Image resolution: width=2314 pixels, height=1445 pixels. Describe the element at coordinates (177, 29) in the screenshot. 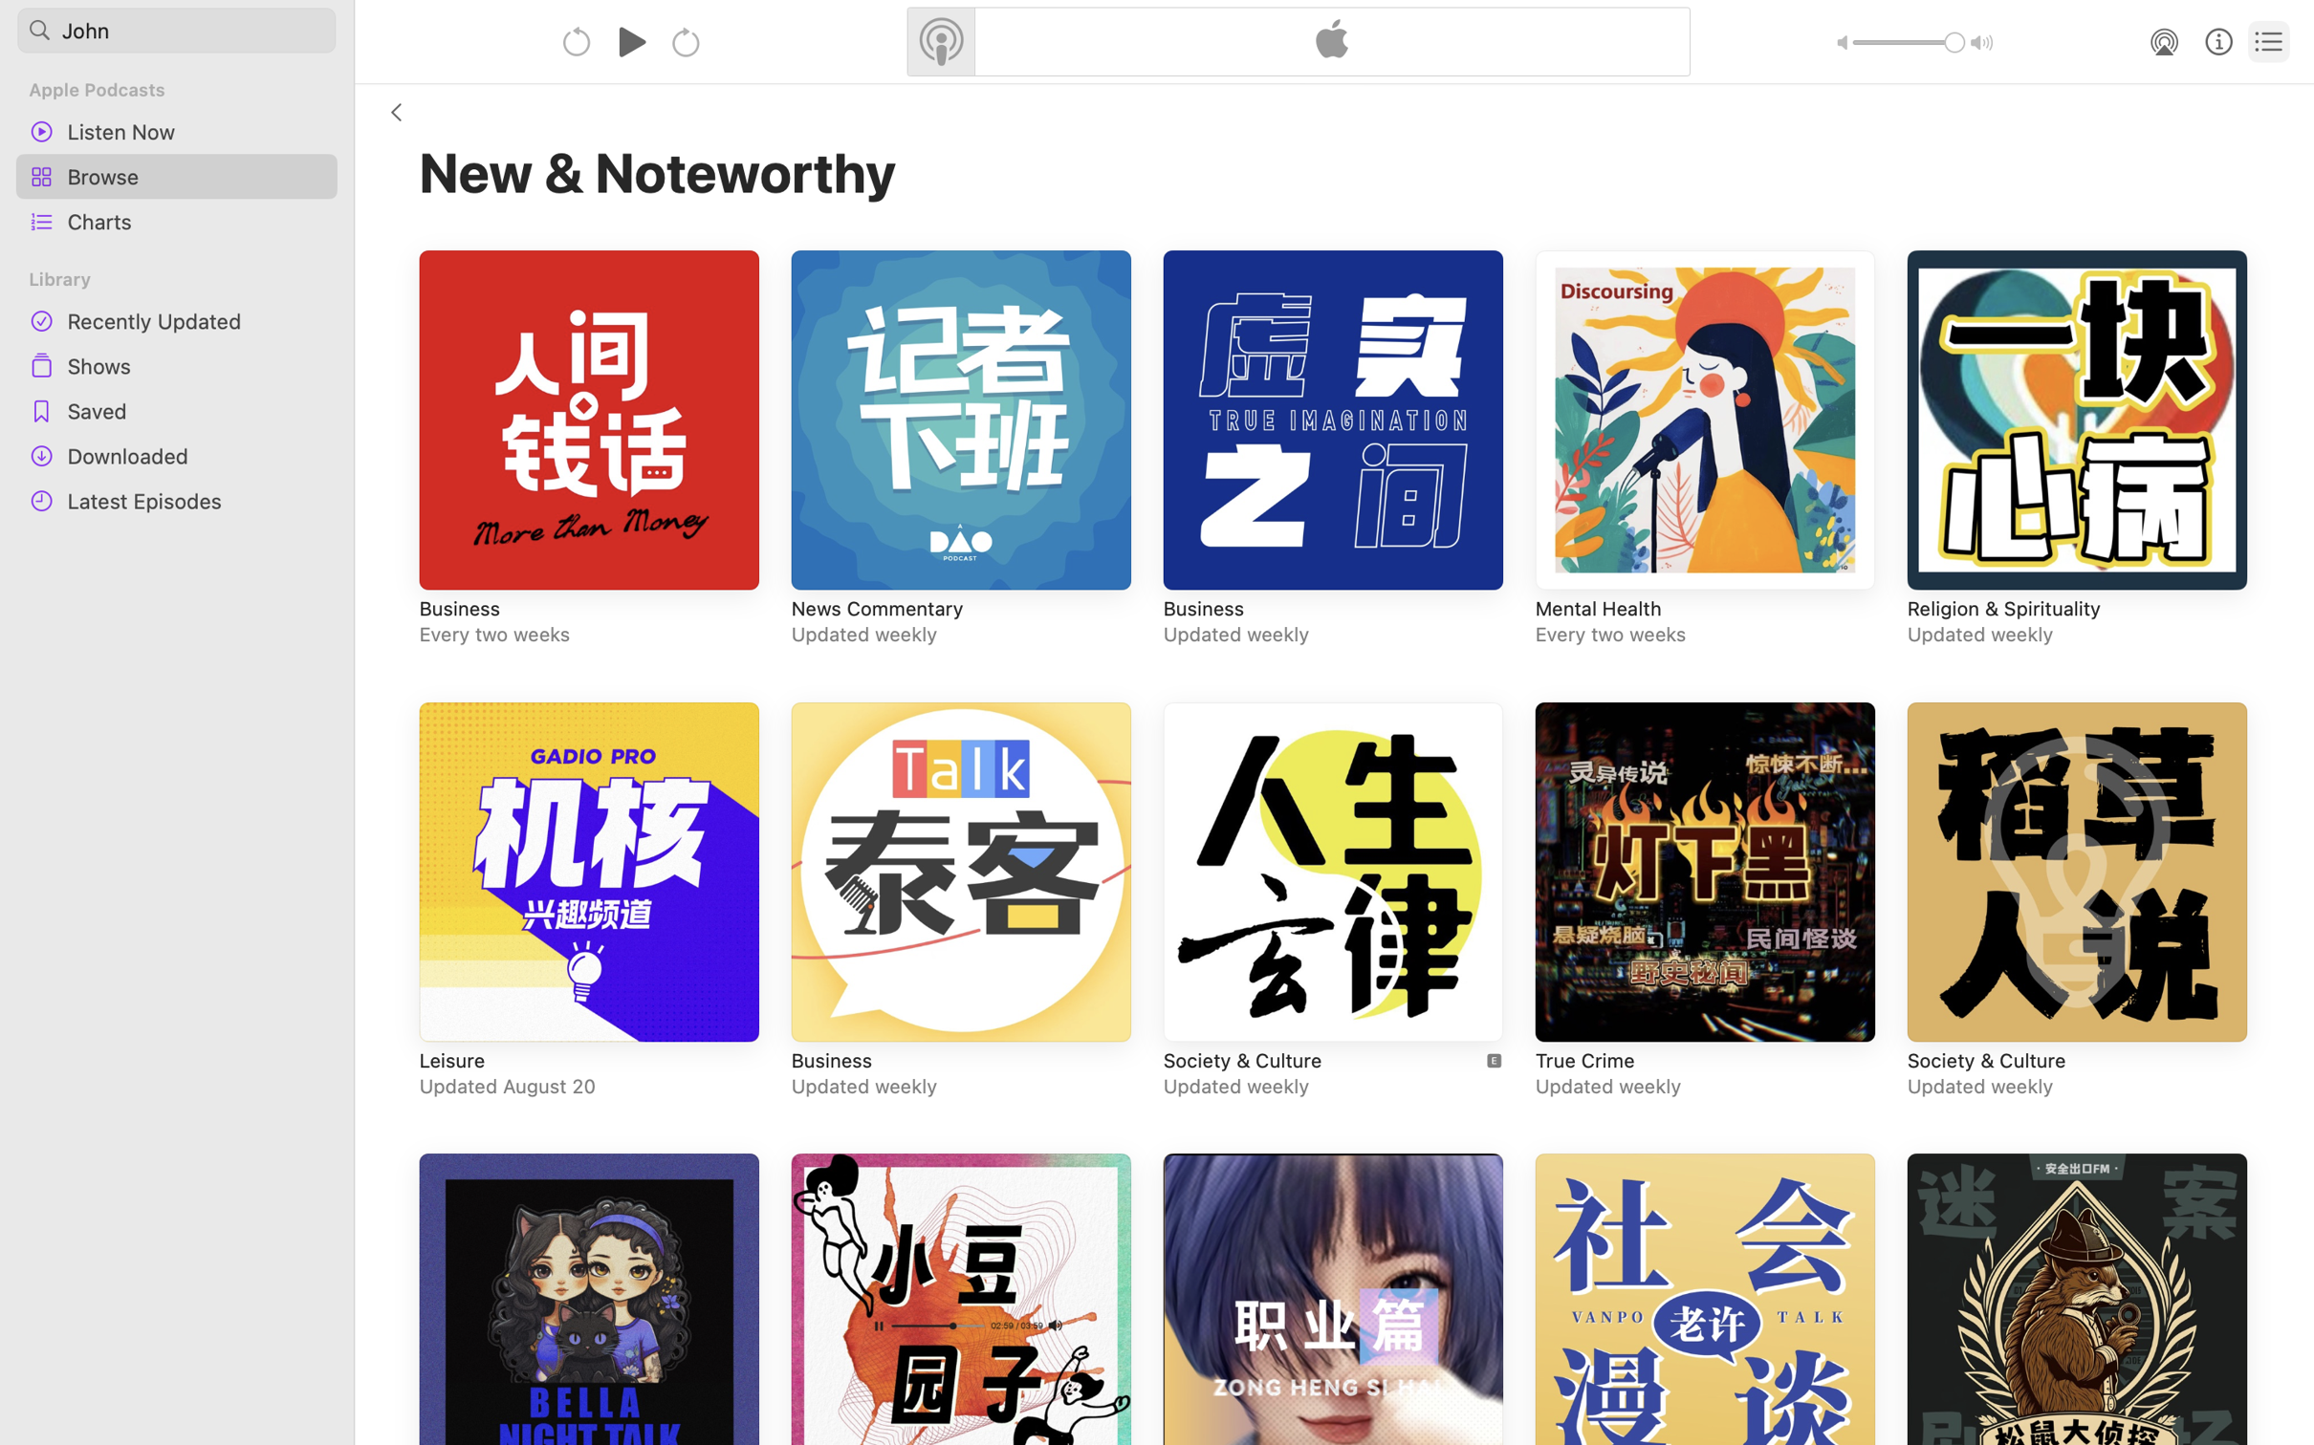

I see `'John'` at that location.